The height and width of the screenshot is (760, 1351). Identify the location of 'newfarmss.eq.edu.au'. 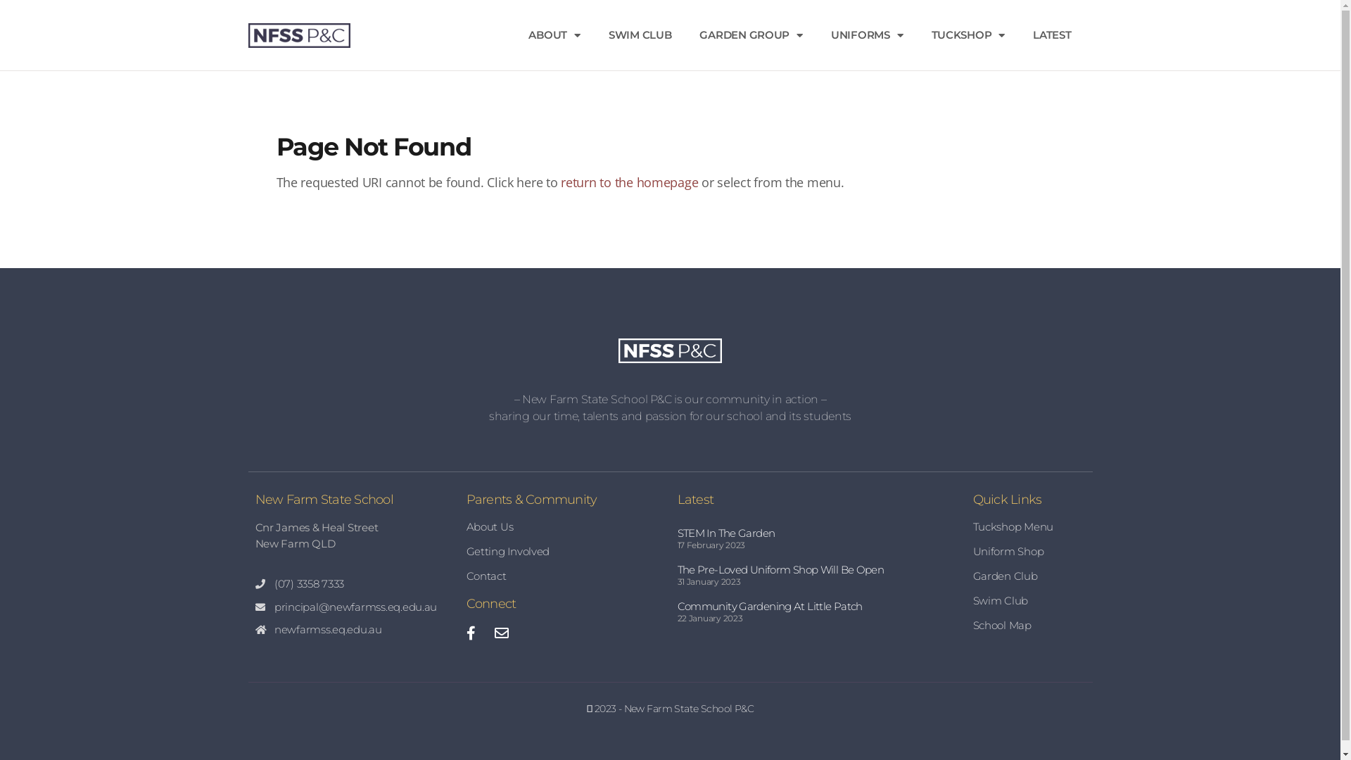
(353, 629).